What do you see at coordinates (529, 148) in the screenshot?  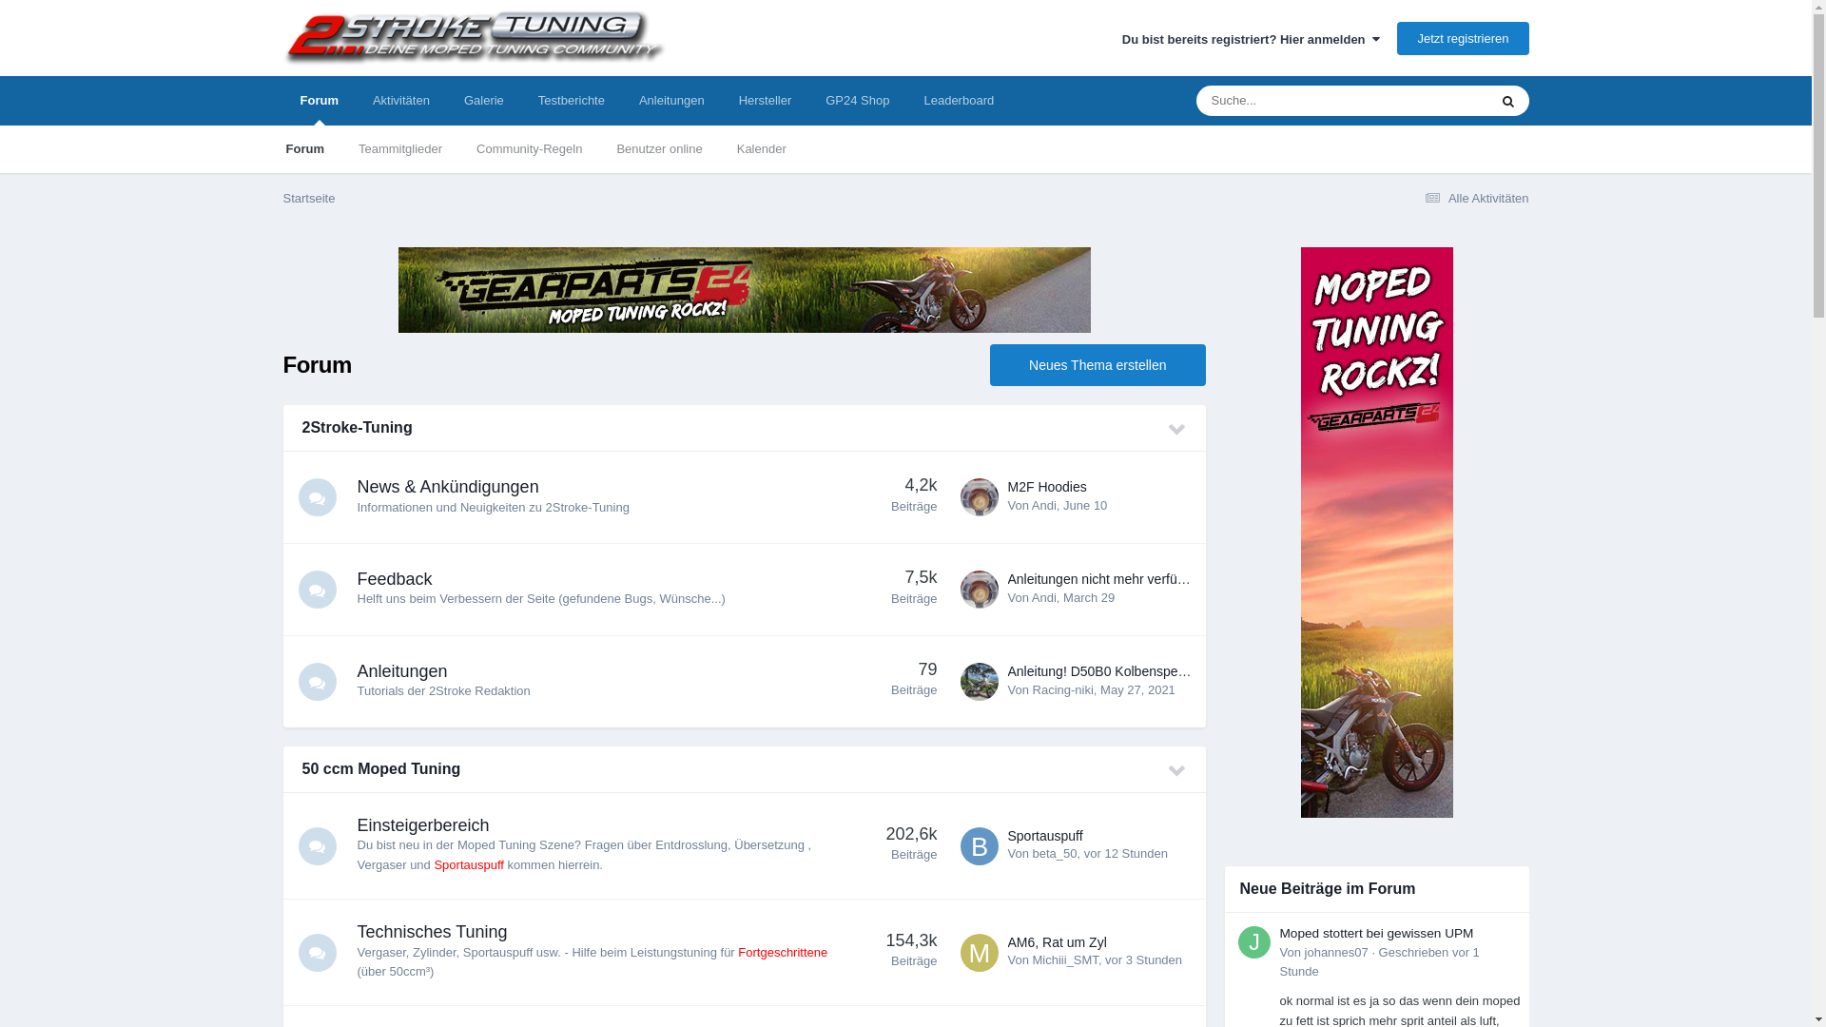 I see `'Community-Regeln'` at bounding box center [529, 148].